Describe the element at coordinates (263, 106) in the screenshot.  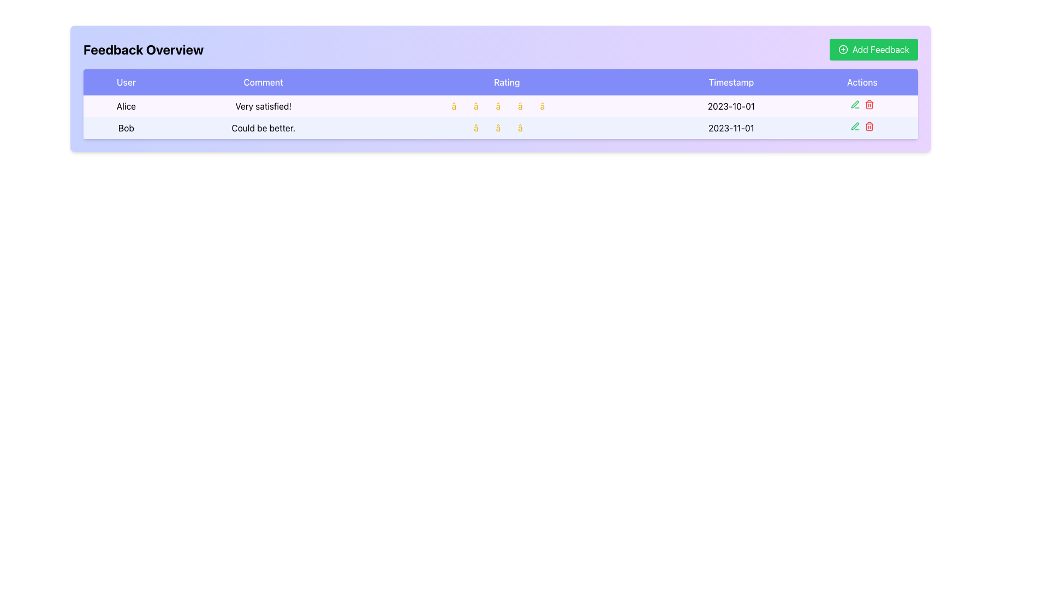
I see `text displayed in the feedback text block located in the second column of the first data row of the feedback table, which follows the cell containing the user name 'Alice'` at that location.